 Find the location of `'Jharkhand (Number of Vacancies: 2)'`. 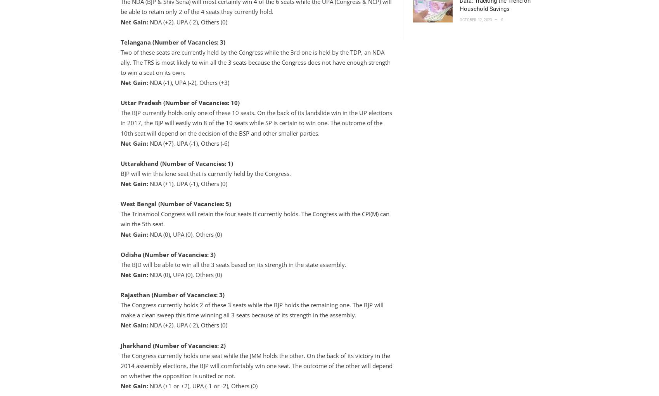

'Jharkhand (Number of Vacancies: 2)' is located at coordinates (173, 344).